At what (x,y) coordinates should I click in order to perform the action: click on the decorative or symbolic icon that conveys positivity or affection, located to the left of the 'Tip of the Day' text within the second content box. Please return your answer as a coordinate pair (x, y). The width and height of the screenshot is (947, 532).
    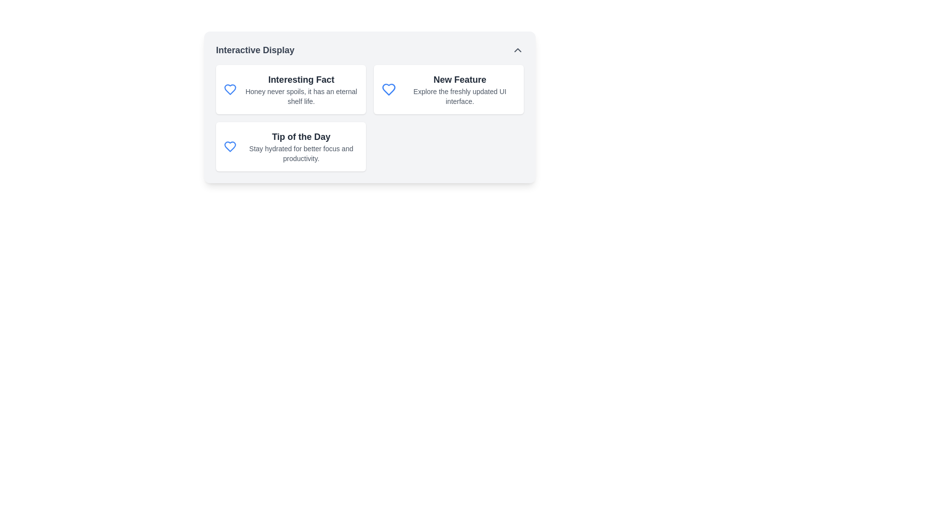
    Looking at the image, I should click on (229, 146).